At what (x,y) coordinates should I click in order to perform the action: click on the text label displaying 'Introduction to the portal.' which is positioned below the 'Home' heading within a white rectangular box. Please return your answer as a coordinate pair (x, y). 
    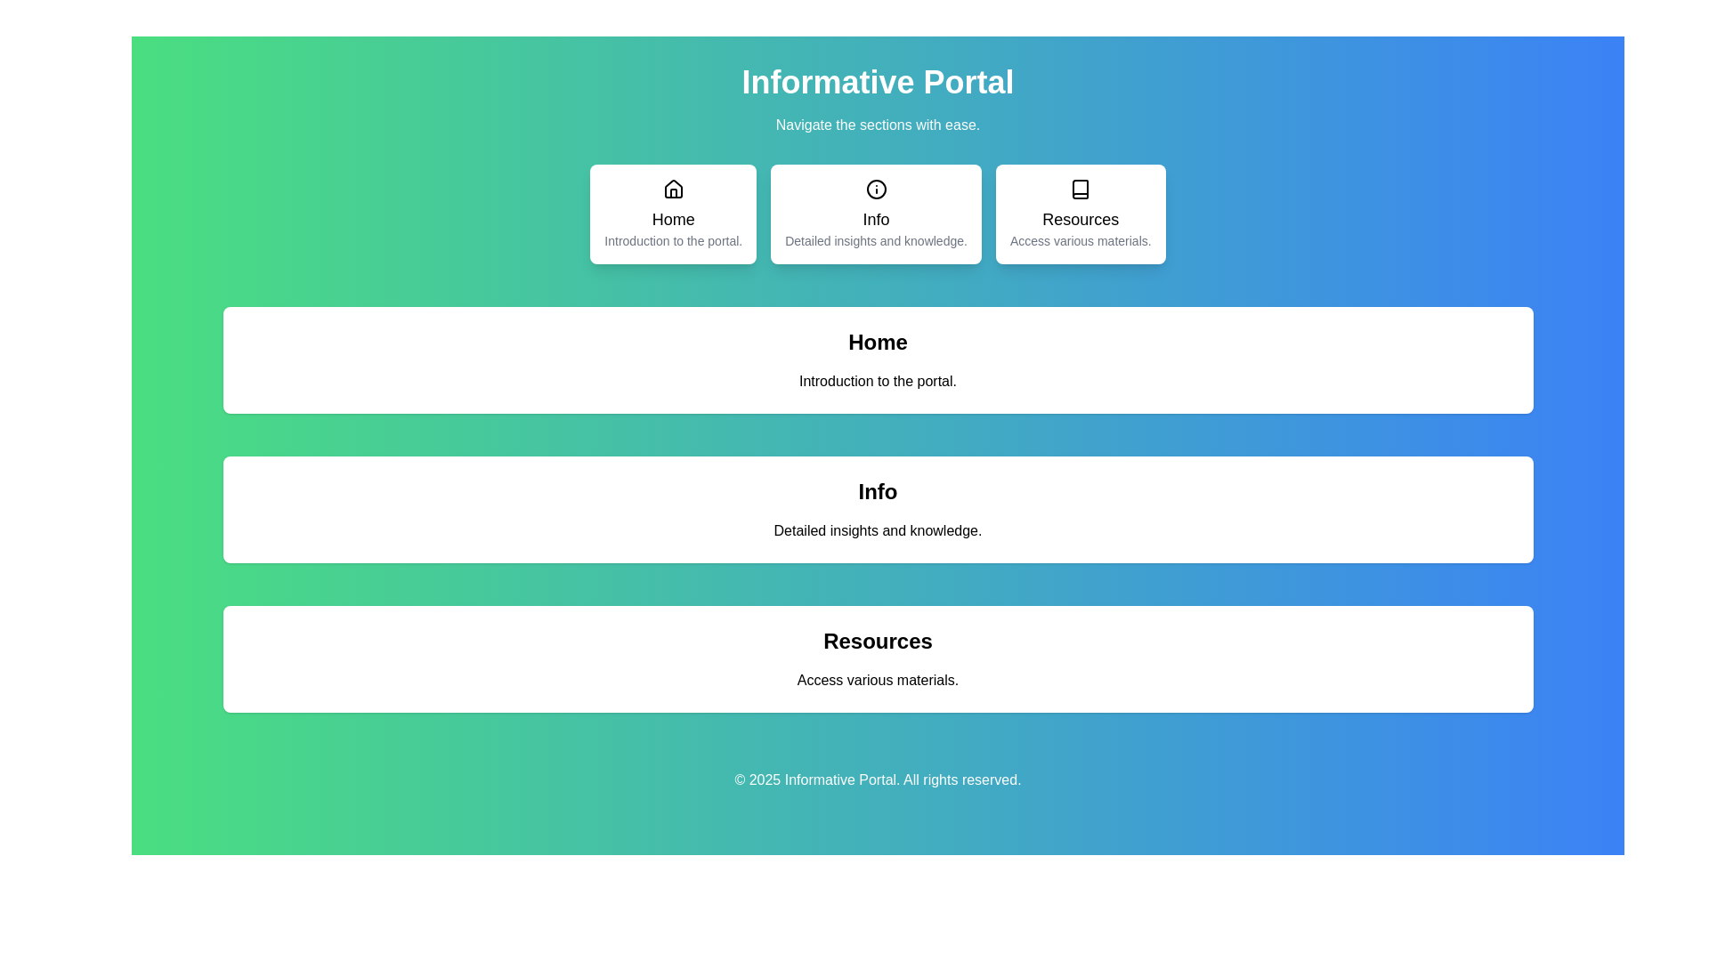
    Looking at the image, I should click on (878, 380).